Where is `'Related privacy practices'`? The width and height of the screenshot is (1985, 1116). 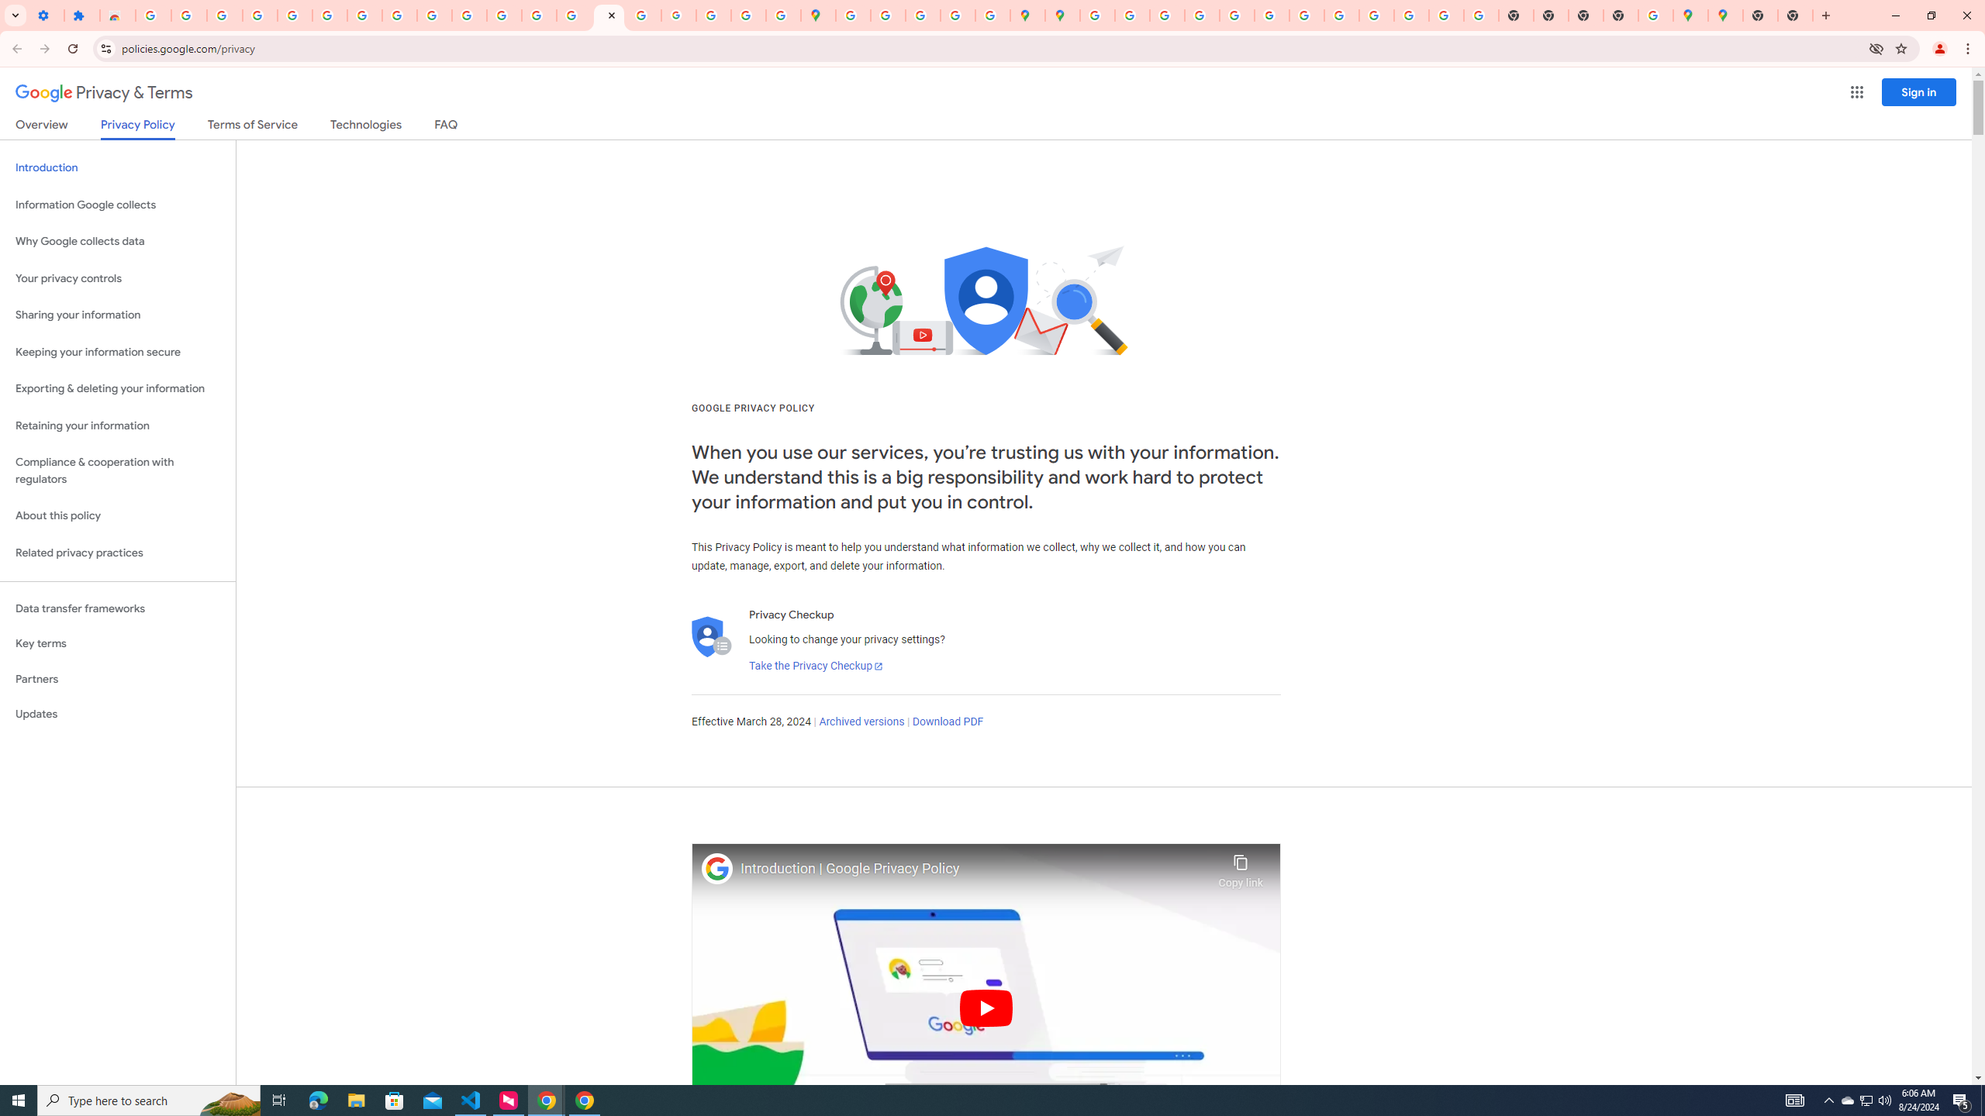 'Related privacy practices' is located at coordinates (117, 552).